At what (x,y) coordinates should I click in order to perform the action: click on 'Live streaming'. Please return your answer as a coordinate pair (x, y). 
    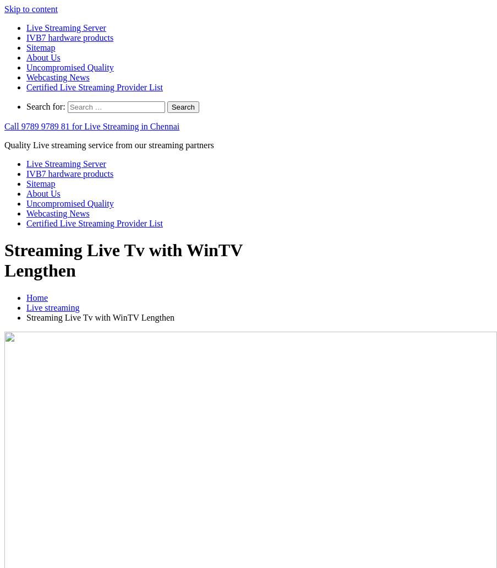
    Looking at the image, I should click on (52, 306).